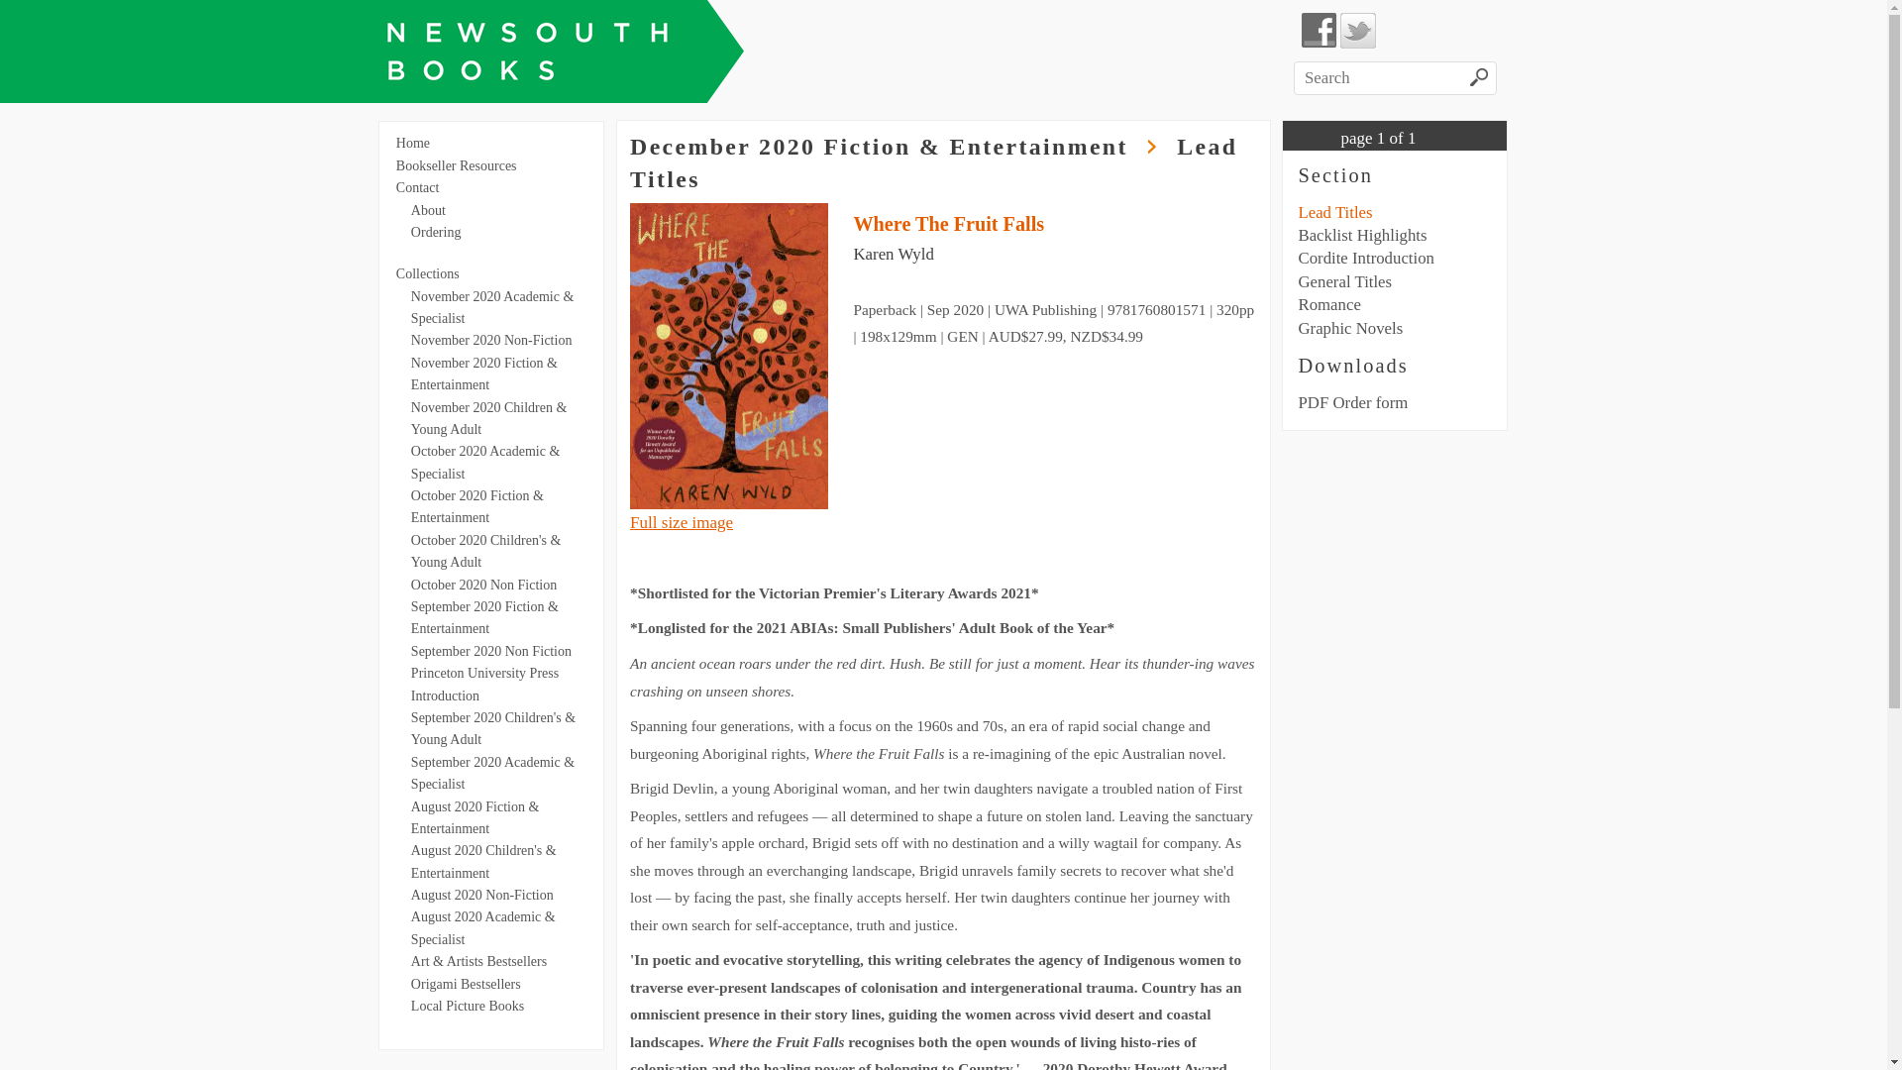 The height and width of the screenshot is (1070, 1902). Describe the element at coordinates (466, 1006) in the screenshot. I see `'Local Picture Books'` at that location.